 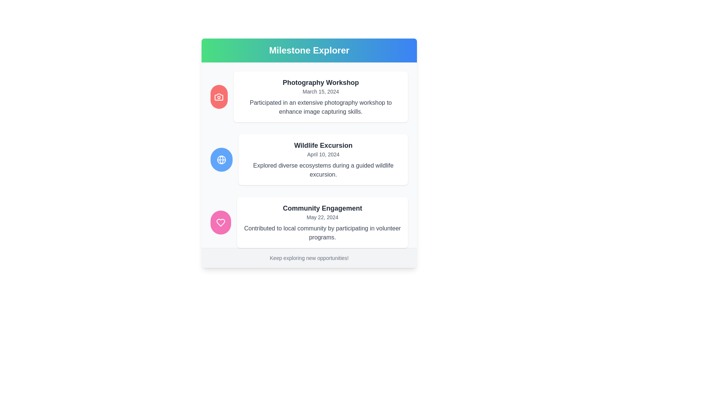 I want to click on the text label that reads 'Explored diverse ecosystems during a guided wildlife excursion.', which is placed underneath the heading 'Wildlife Excursion' and the date 'April 10, 2024', so click(x=323, y=170).